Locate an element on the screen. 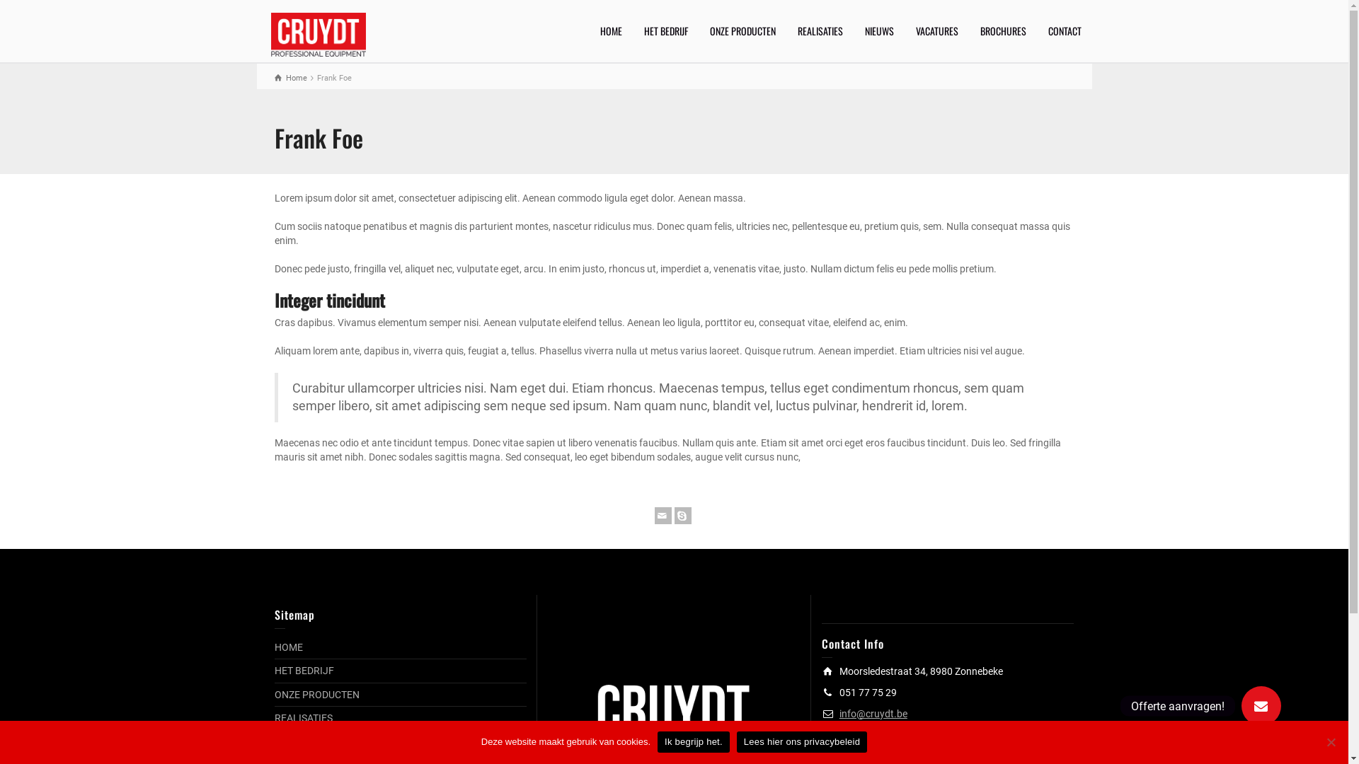 The width and height of the screenshot is (1359, 764). 'Skype' is located at coordinates (672, 516).